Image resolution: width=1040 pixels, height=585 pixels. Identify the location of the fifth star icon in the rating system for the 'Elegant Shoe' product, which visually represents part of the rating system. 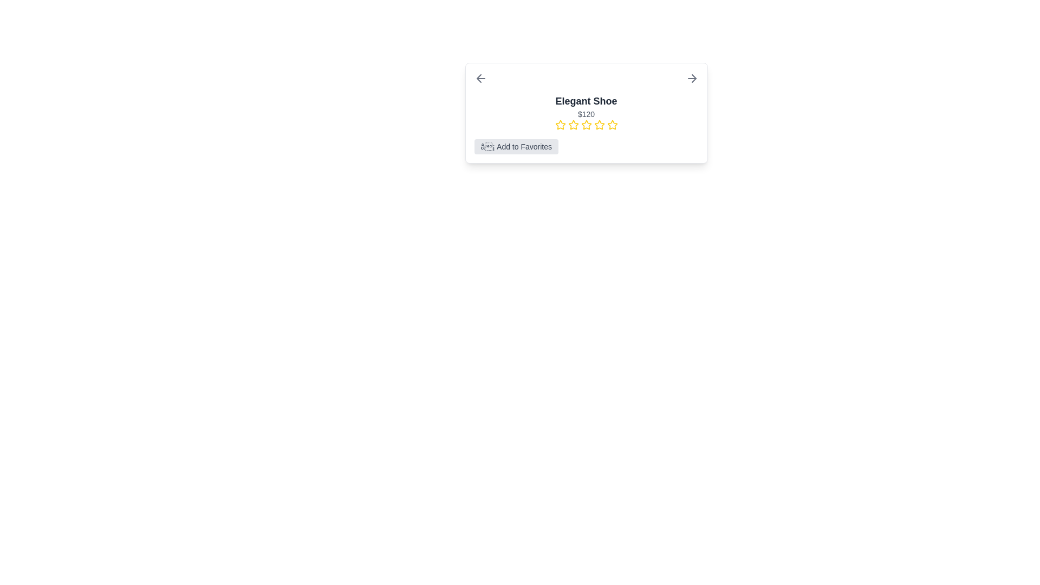
(599, 125).